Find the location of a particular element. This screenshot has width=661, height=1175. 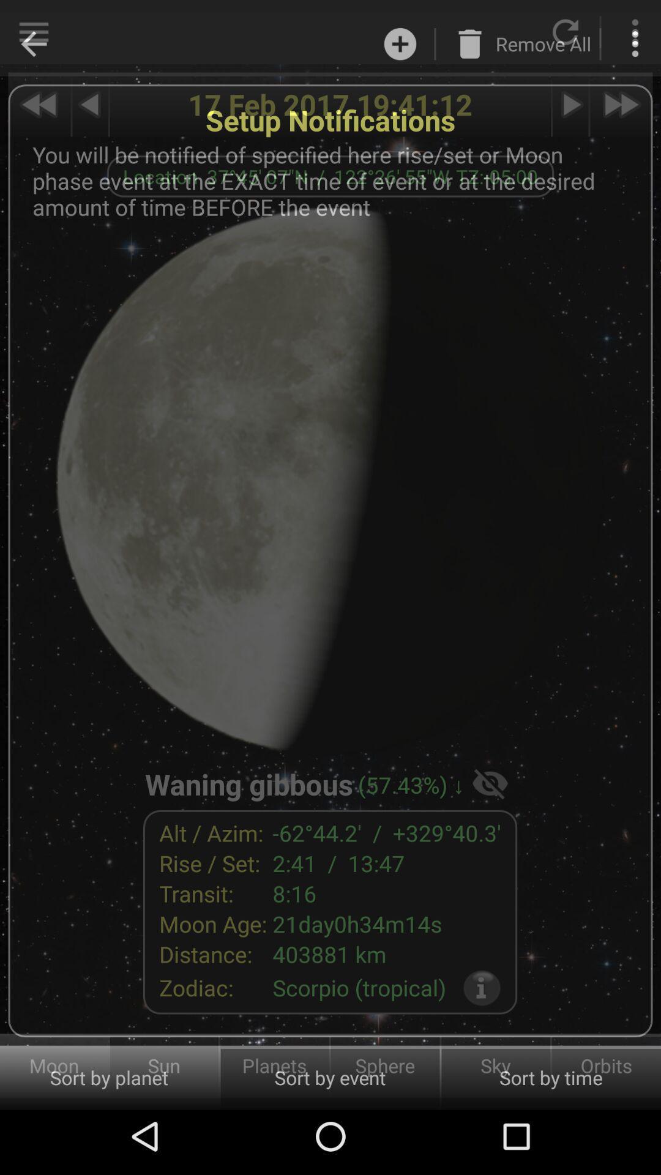

the play icon is located at coordinates (570, 105).